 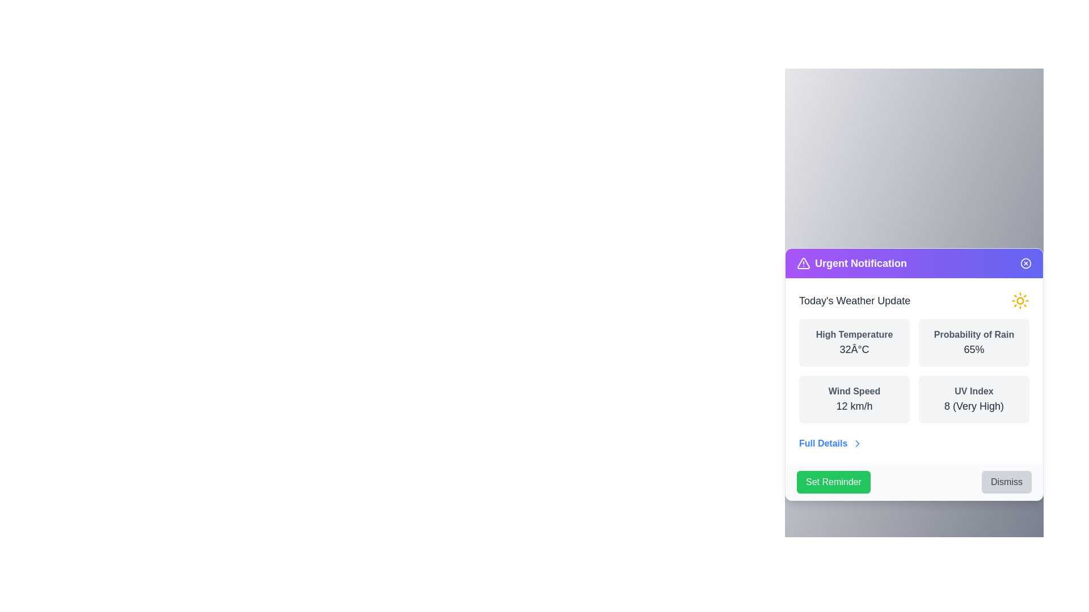 I want to click on the blue, underlined text reading 'Full Details' to follow the link located in the lower section of the weather information card, so click(x=823, y=443).